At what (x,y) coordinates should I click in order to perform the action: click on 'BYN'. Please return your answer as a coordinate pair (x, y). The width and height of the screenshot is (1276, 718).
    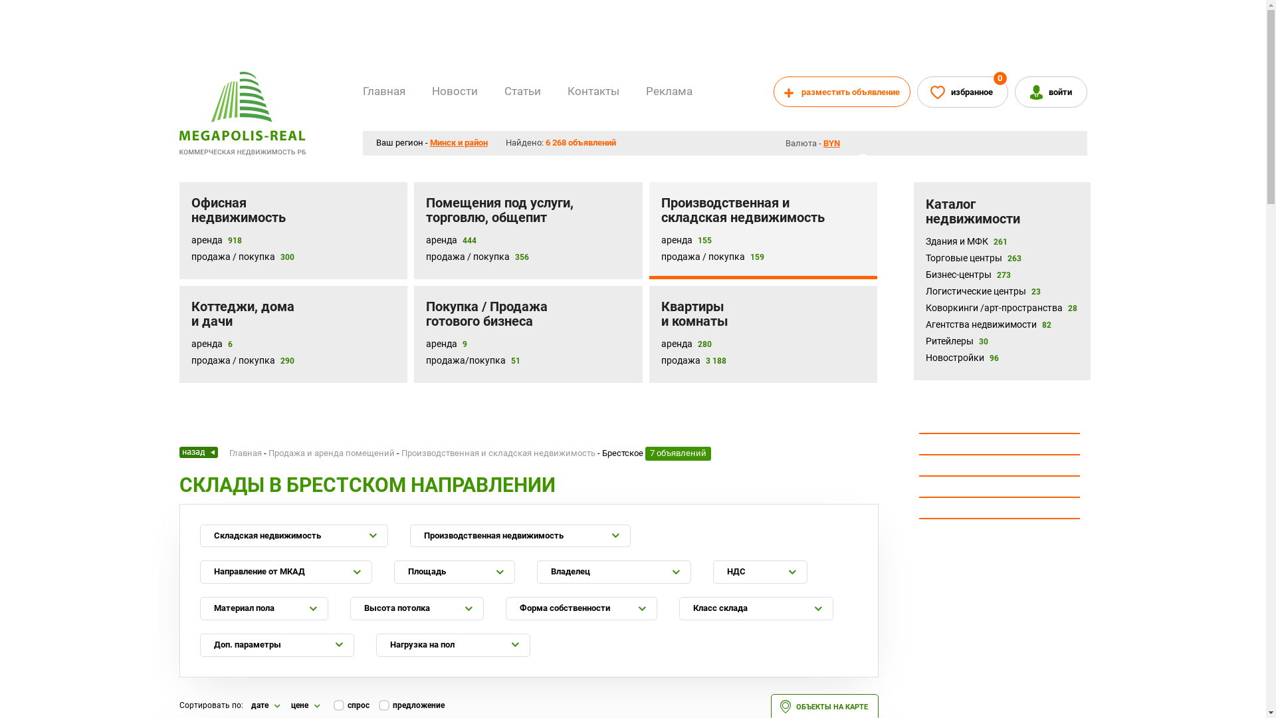
    Looking at the image, I should click on (835, 143).